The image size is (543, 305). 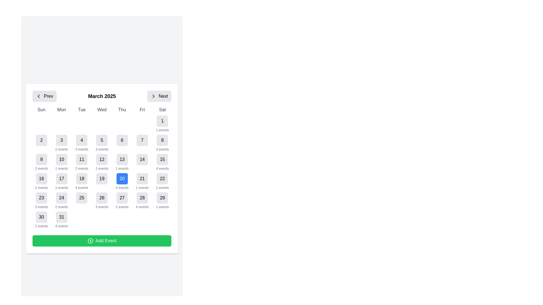 I want to click on the Calendar date tile displaying the number '13' and indicating '1 events', so click(x=122, y=162).